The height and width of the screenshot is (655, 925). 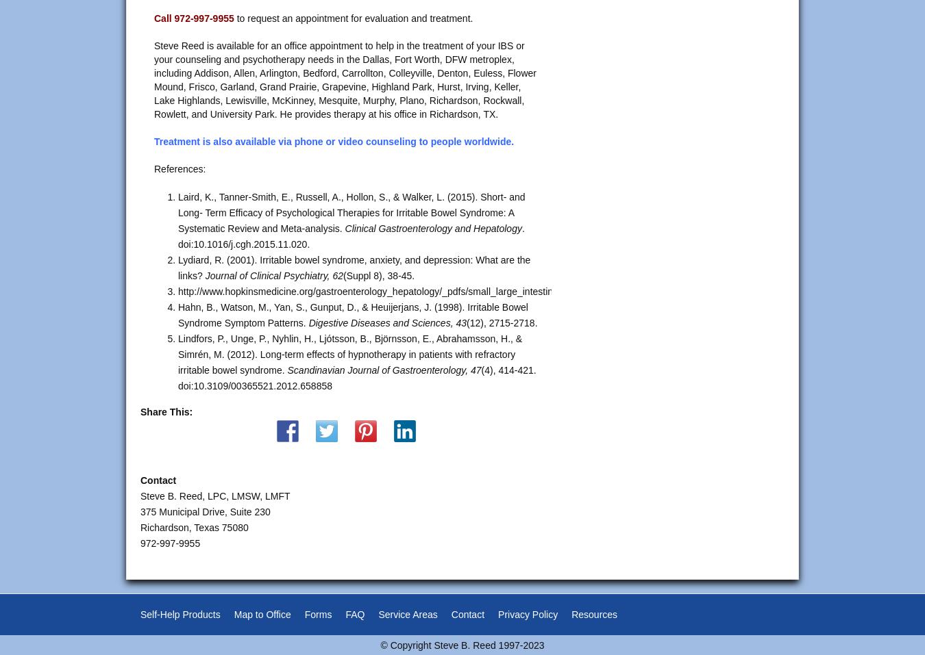 What do you see at coordinates (356, 378) in the screenshot?
I see `'(4), 414-421. doi:10.3109/00365521.2012.658858'` at bounding box center [356, 378].